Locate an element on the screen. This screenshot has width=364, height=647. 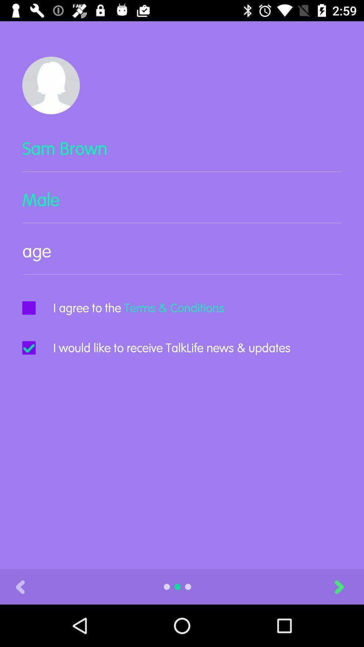
sam brown icon is located at coordinates (182, 154).